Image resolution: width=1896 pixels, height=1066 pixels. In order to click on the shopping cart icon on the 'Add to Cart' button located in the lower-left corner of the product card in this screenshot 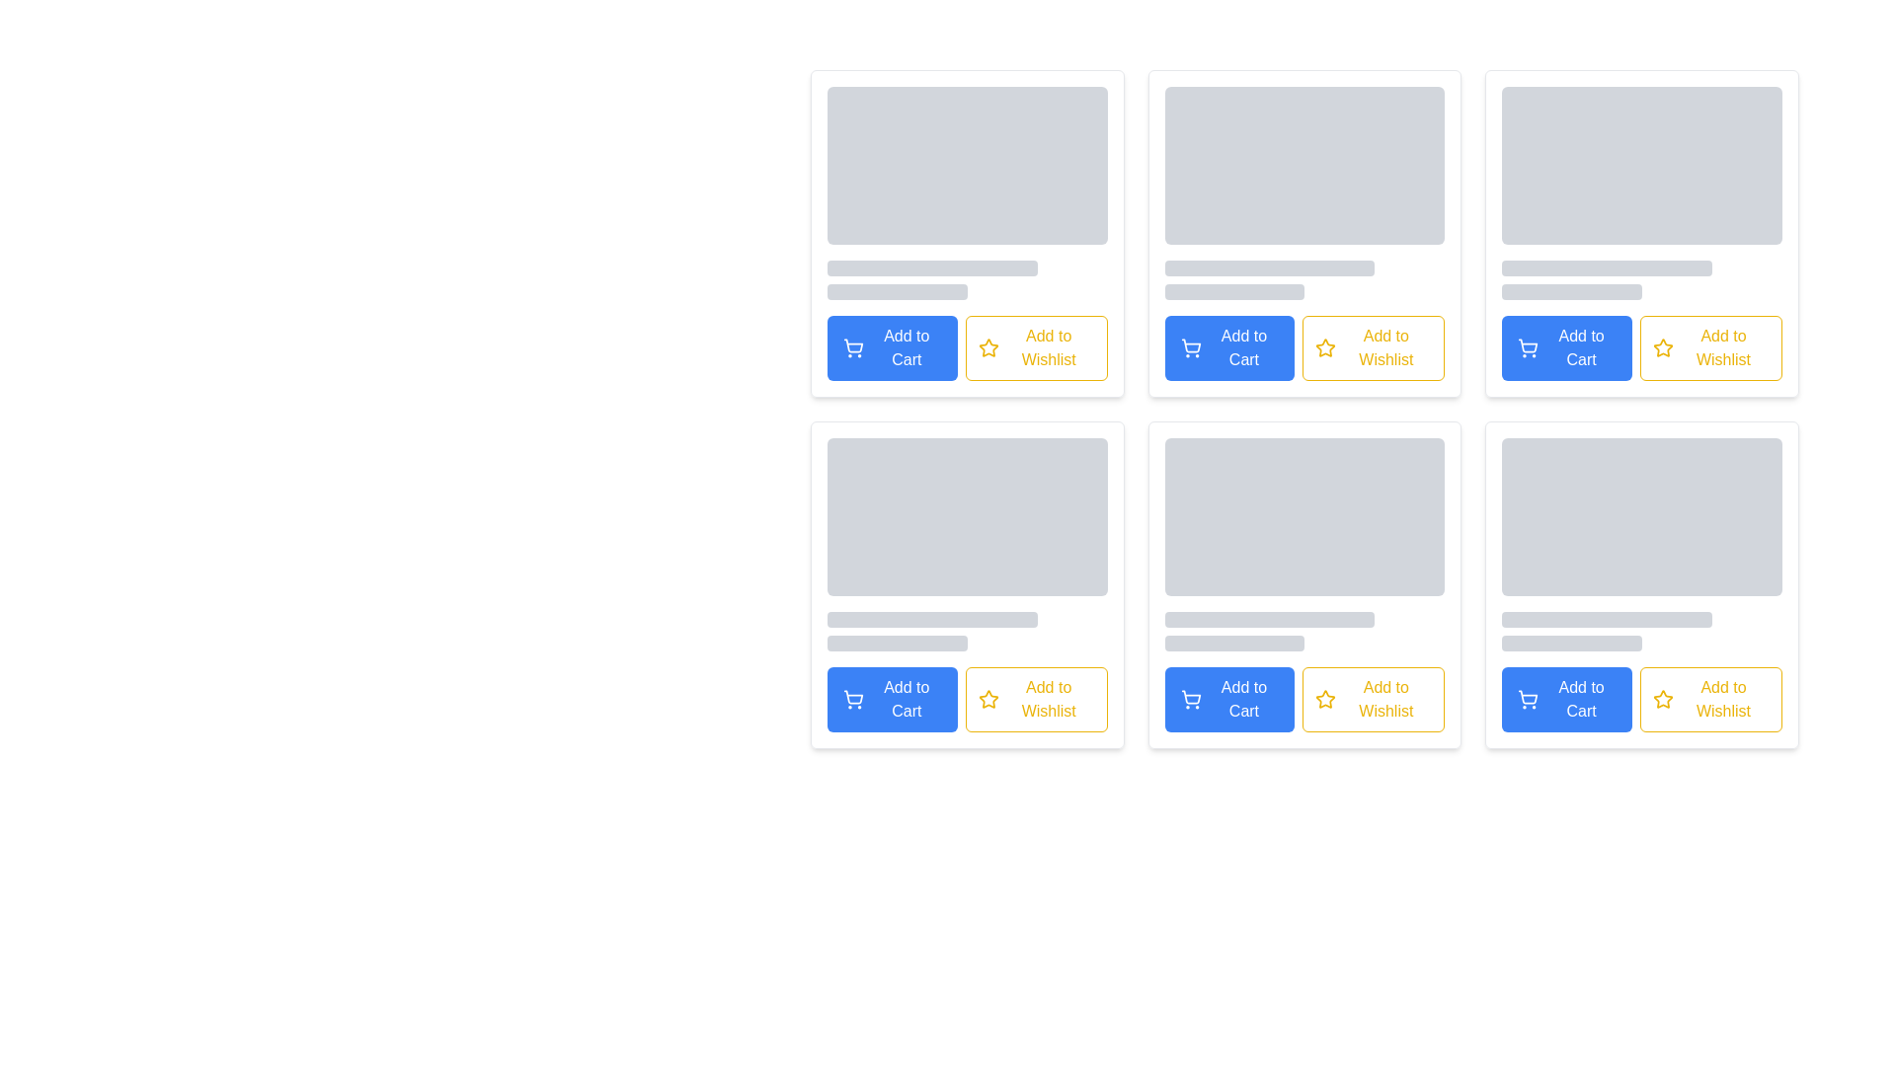, I will do `click(1190, 699)`.